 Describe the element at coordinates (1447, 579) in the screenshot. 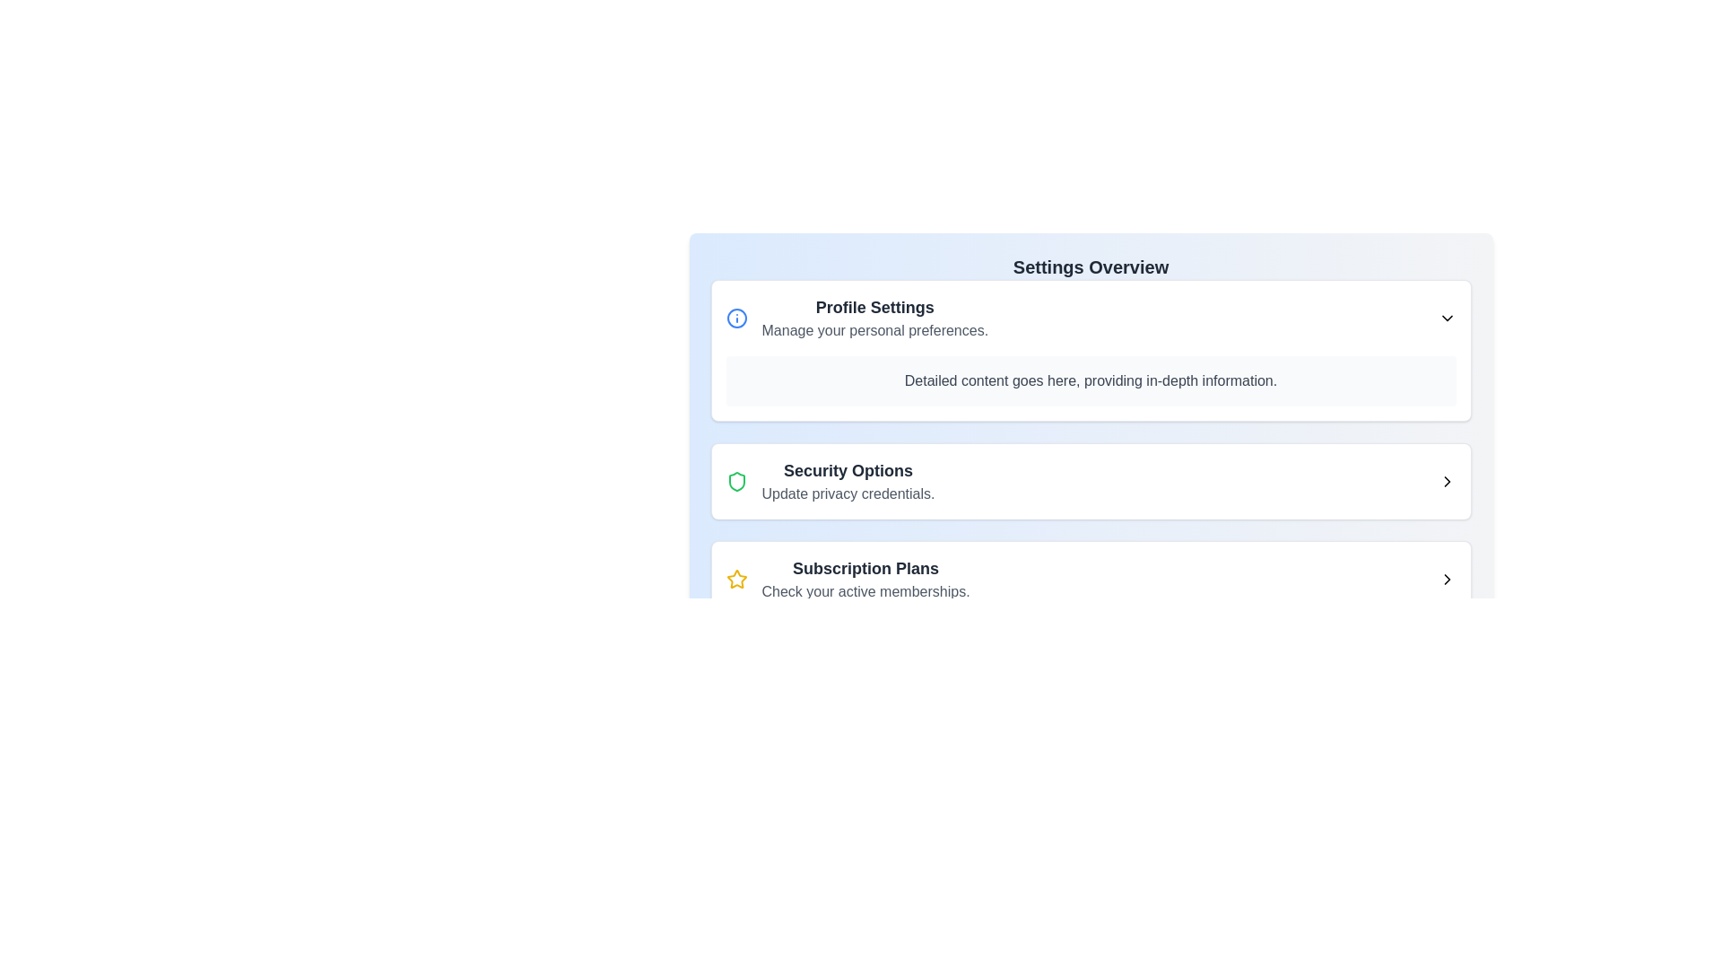

I see `the rightward chevron icon with a black stroke in the 'Subscription Plans' section` at that location.